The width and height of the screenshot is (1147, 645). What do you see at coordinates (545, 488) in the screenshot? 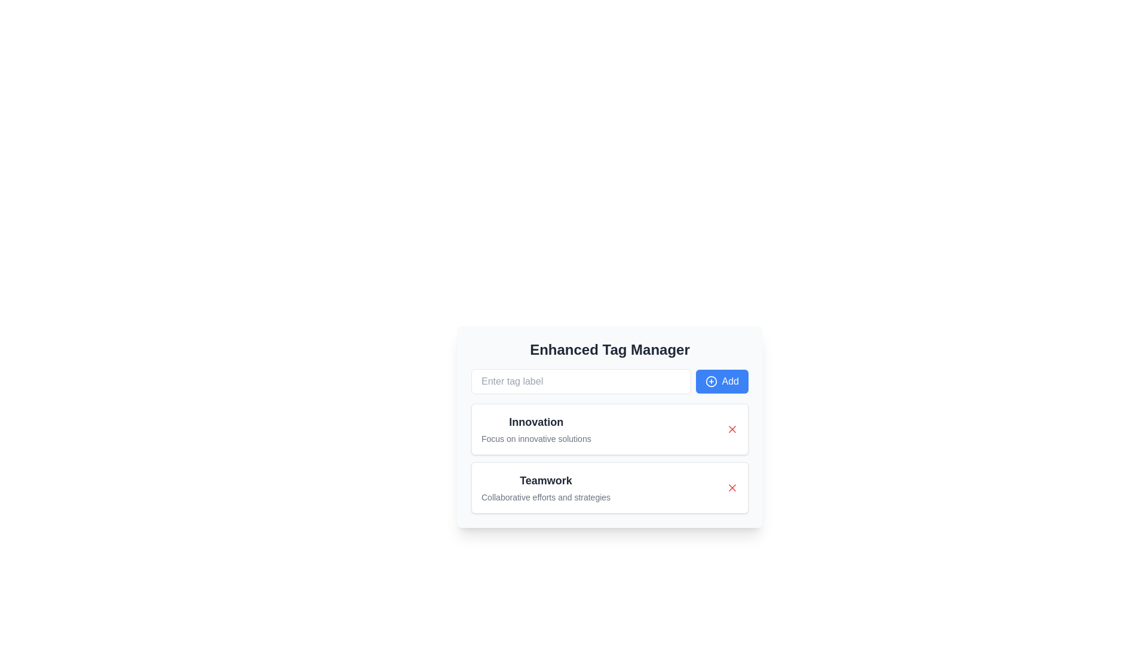
I see `the Text block titled 'Teamwork' which displays a description 'Collaborative efforts and strategies', located under the header 'Enhanced Tag Manager'` at bounding box center [545, 488].